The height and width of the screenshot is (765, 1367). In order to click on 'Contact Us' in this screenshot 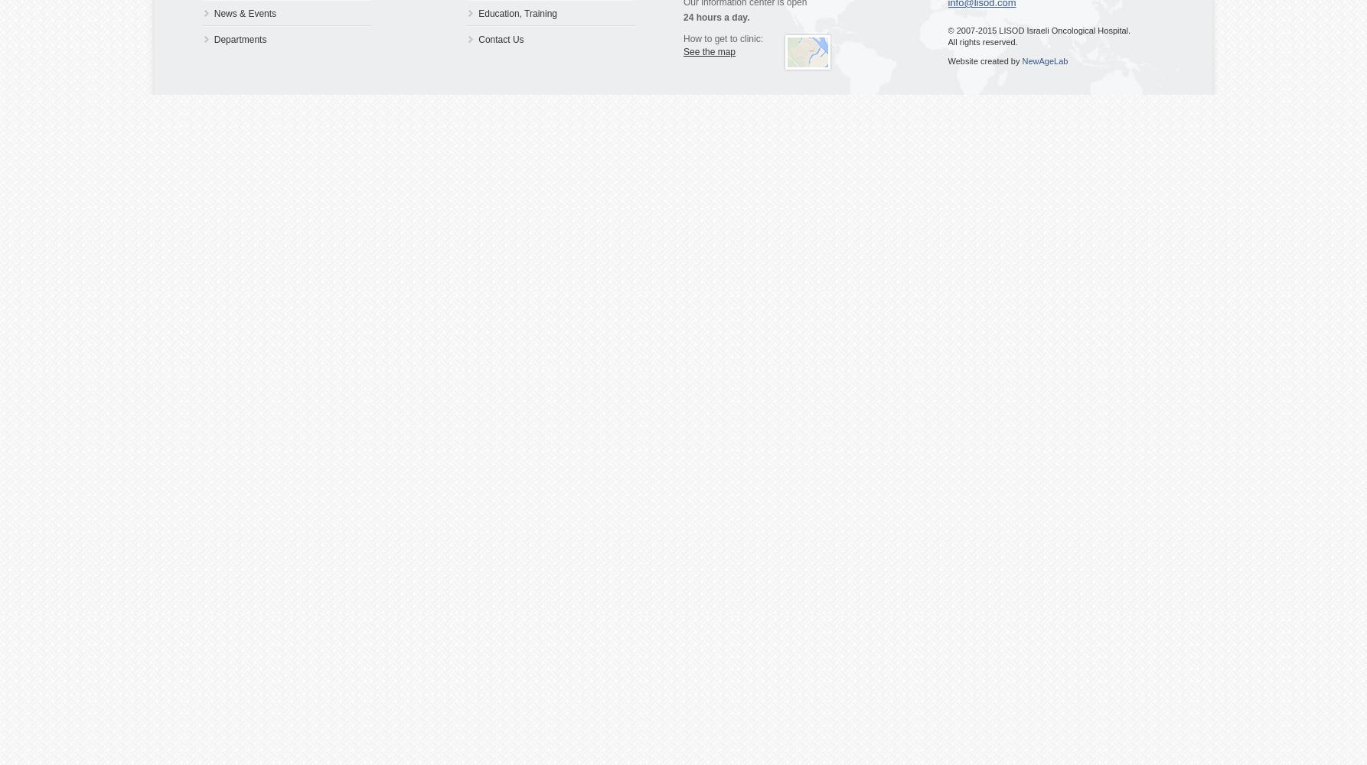, I will do `click(501, 40)`.